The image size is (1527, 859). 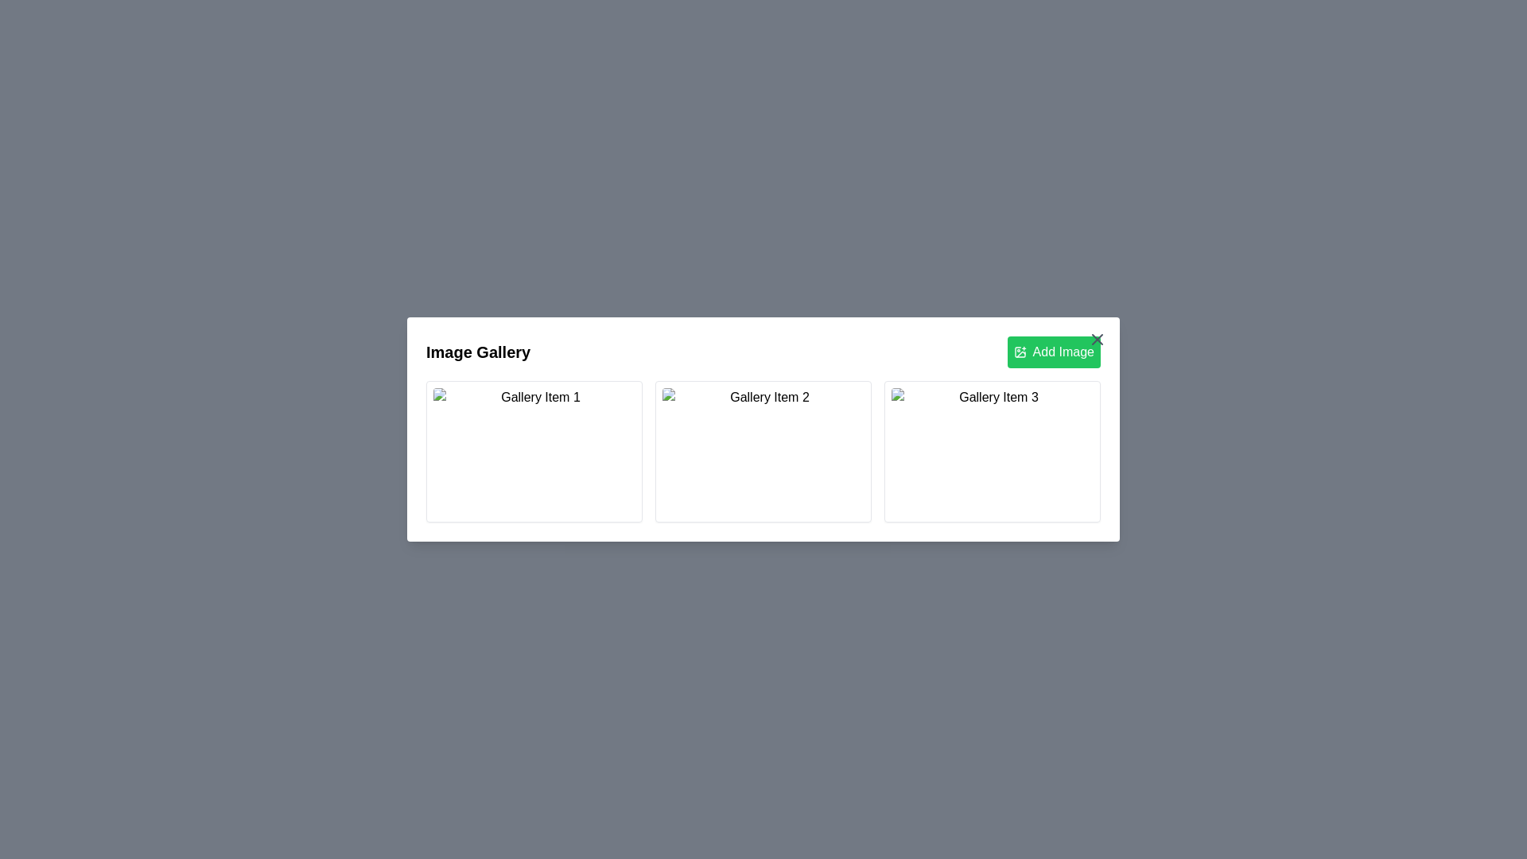 I want to click on the 'Add Image' button to initiate adding a new image to the gallery, so click(x=1053, y=352).